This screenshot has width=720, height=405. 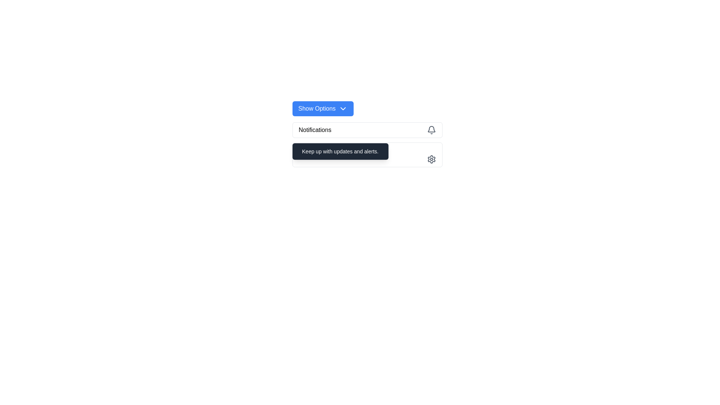 What do you see at coordinates (340, 151) in the screenshot?
I see `the static text label that conveys information about updates and alerts, centrally aligned in a dark gray popup below the 'Notifications' section` at bounding box center [340, 151].